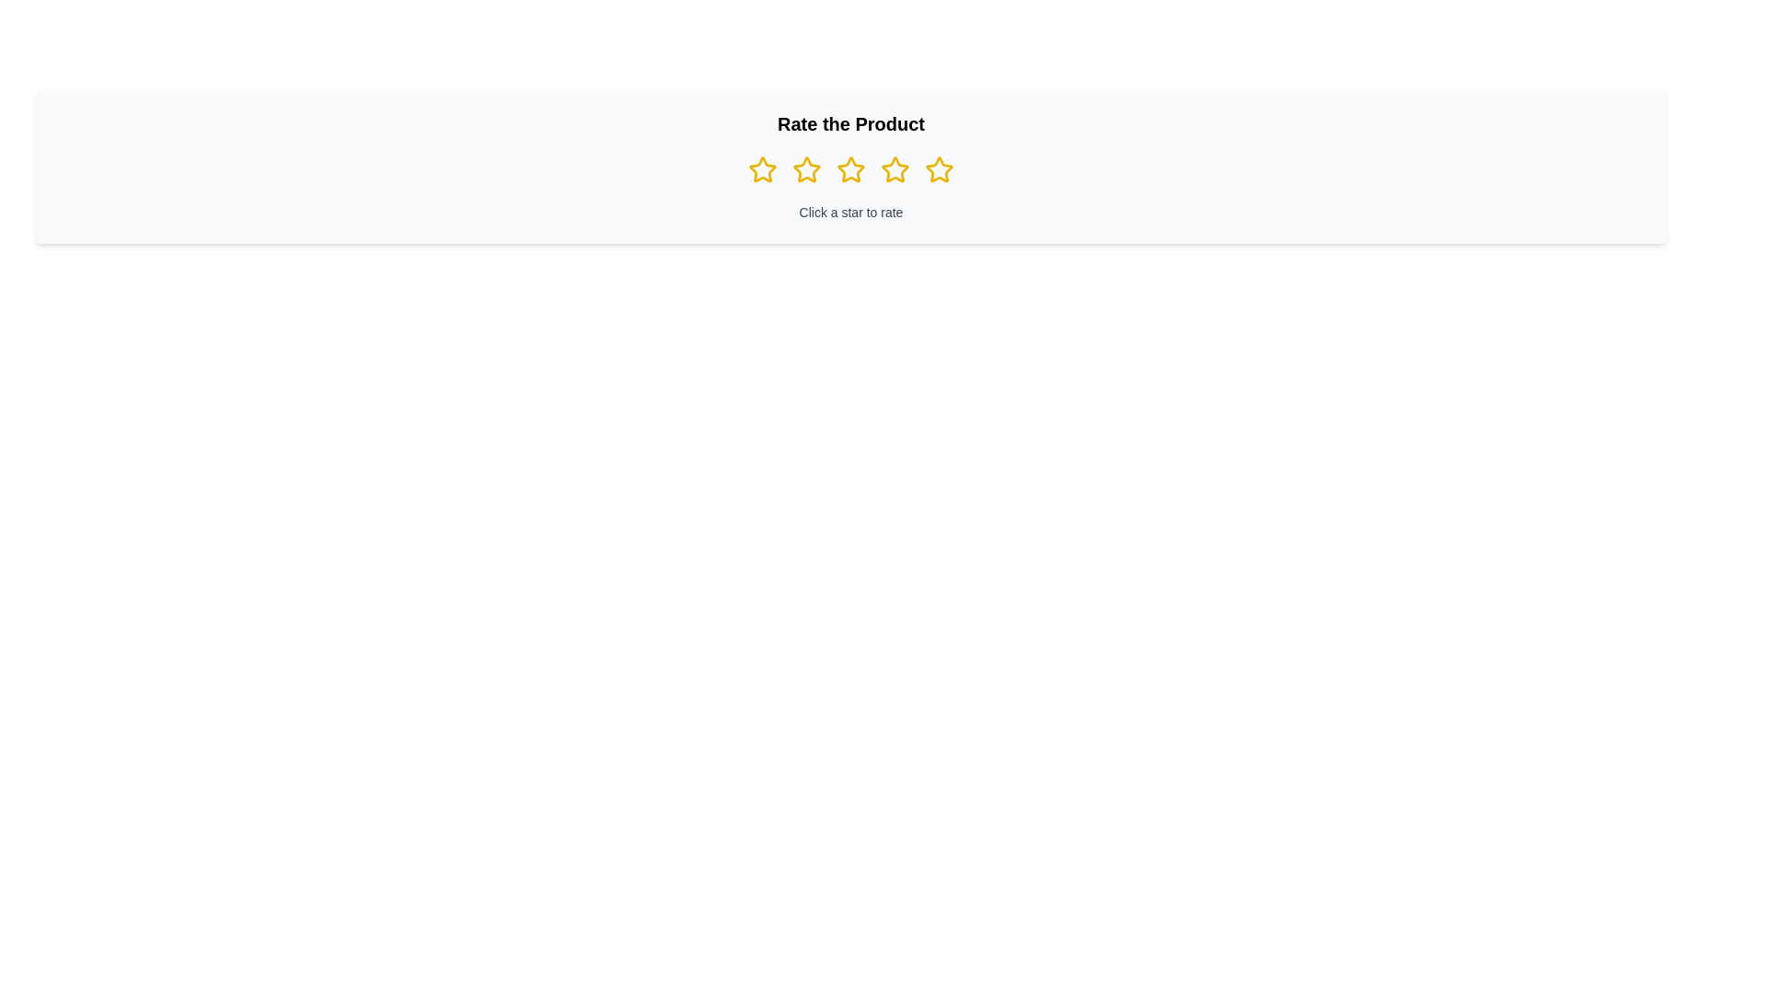  What do you see at coordinates (940, 170) in the screenshot?
I see `the fifth star-shaped rating icon, which is yellow and outlined, located under the title 'Rate the Product'` at bounding box center [940, 170].